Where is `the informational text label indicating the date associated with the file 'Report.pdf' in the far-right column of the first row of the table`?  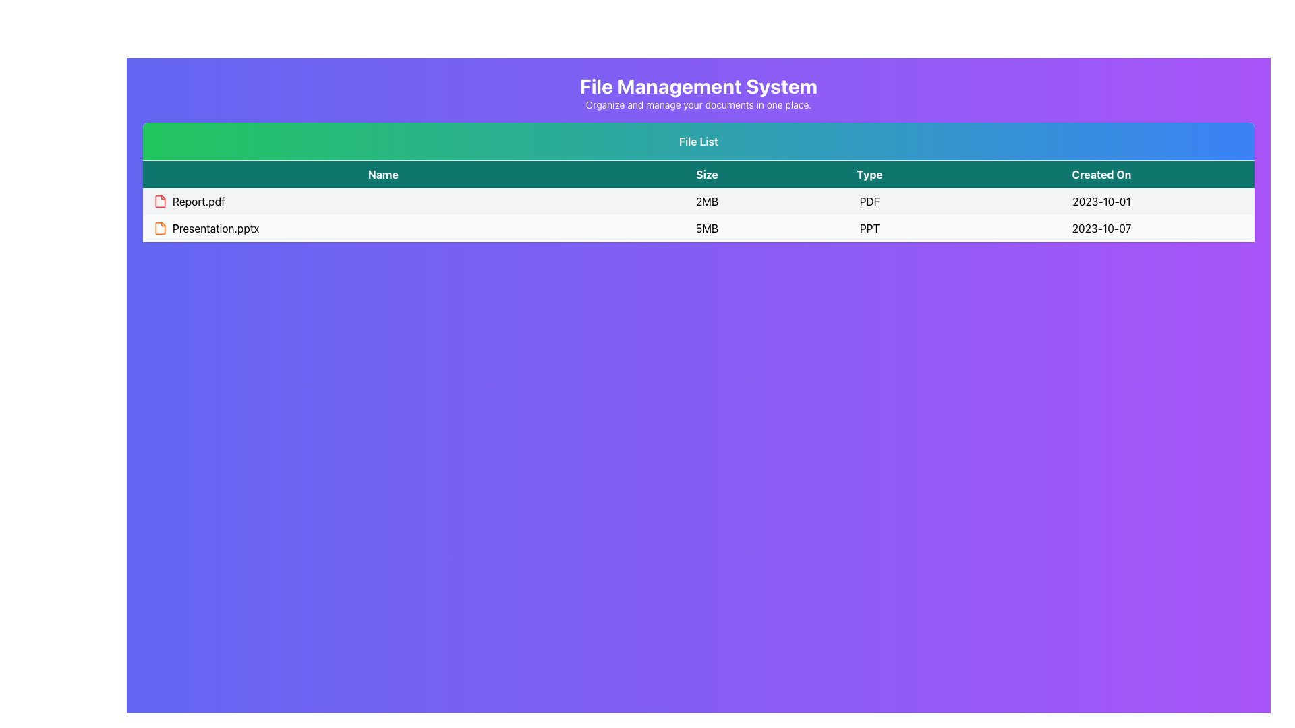
the informational text label indicating the date associated with the file 'Report.pdf' in the far-right column of the first row of the table is located at coordinates (1101, 202).